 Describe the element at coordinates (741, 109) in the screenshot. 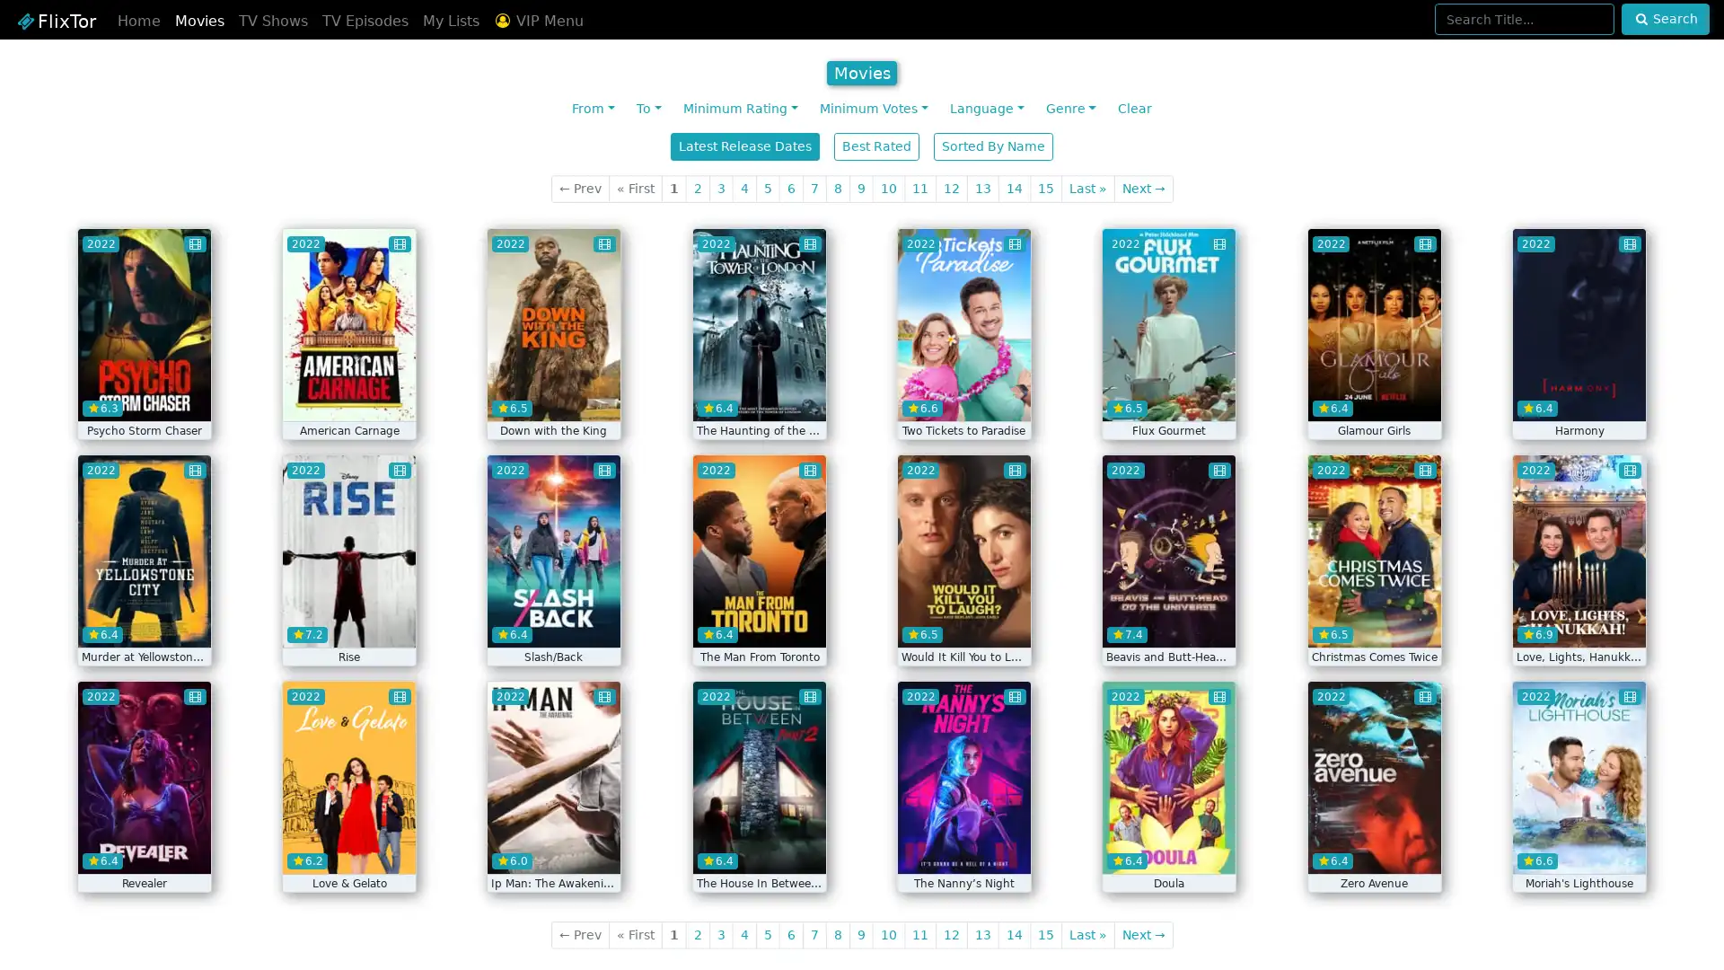

I see `Minimum Rating` at that location.